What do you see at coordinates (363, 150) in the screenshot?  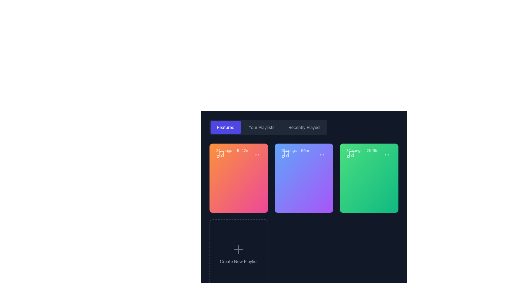 I see `contents of the Text label that provides metadata about the playlist, located at the bottom of the green card, following the 'Workout Mix' text` at bounding box center [363, 150].